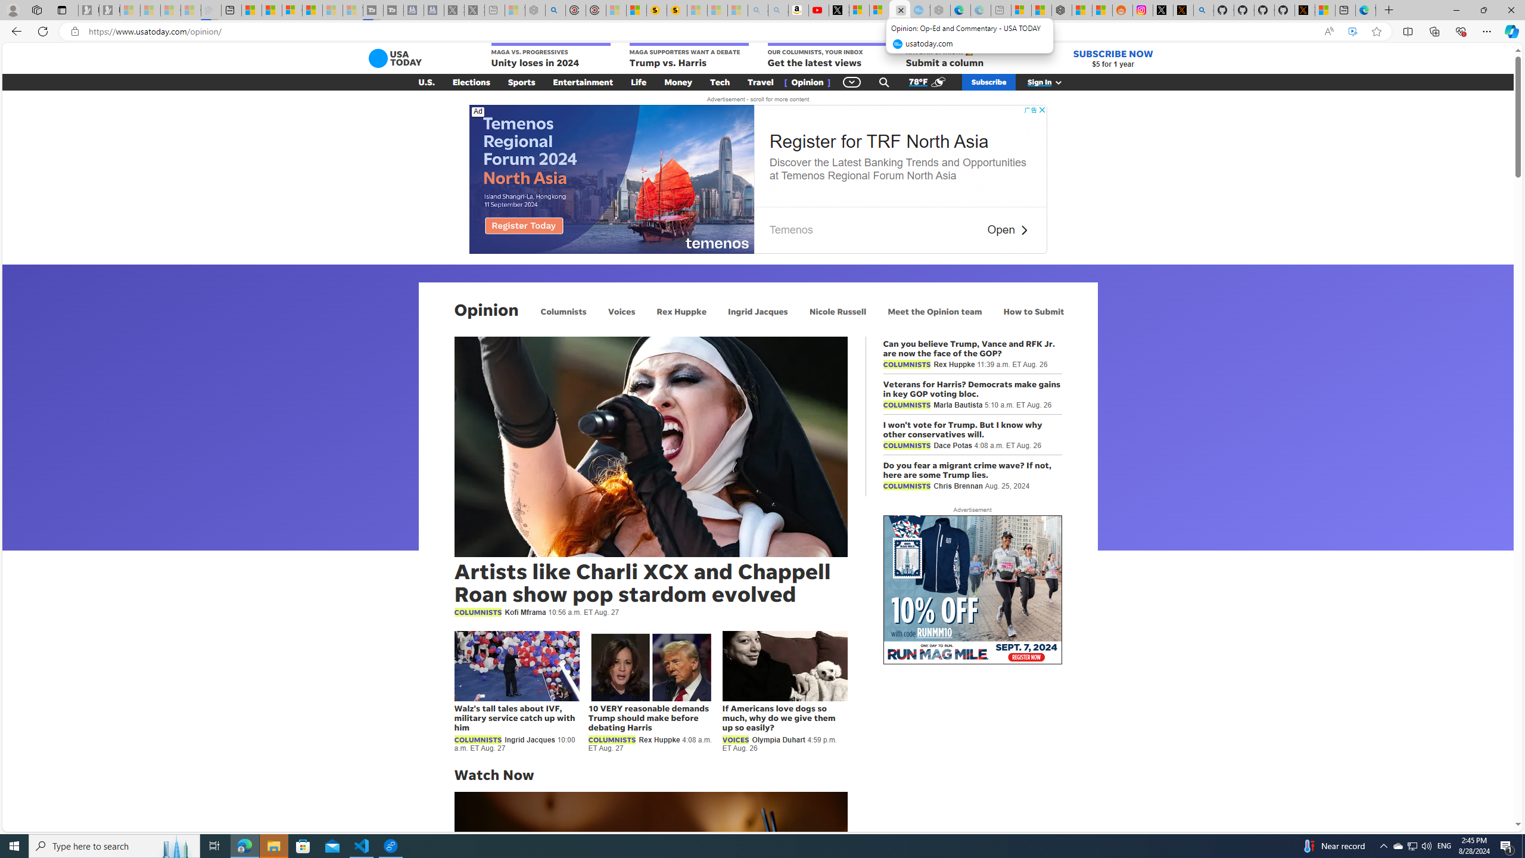 The height and width of the screenshot is (858, 1525). Describe the element at coordinates (818, 10) in the screenshot. I see `'Day 1: Arriving in Yemen (surreal to be here) - YouTube'` at that location.